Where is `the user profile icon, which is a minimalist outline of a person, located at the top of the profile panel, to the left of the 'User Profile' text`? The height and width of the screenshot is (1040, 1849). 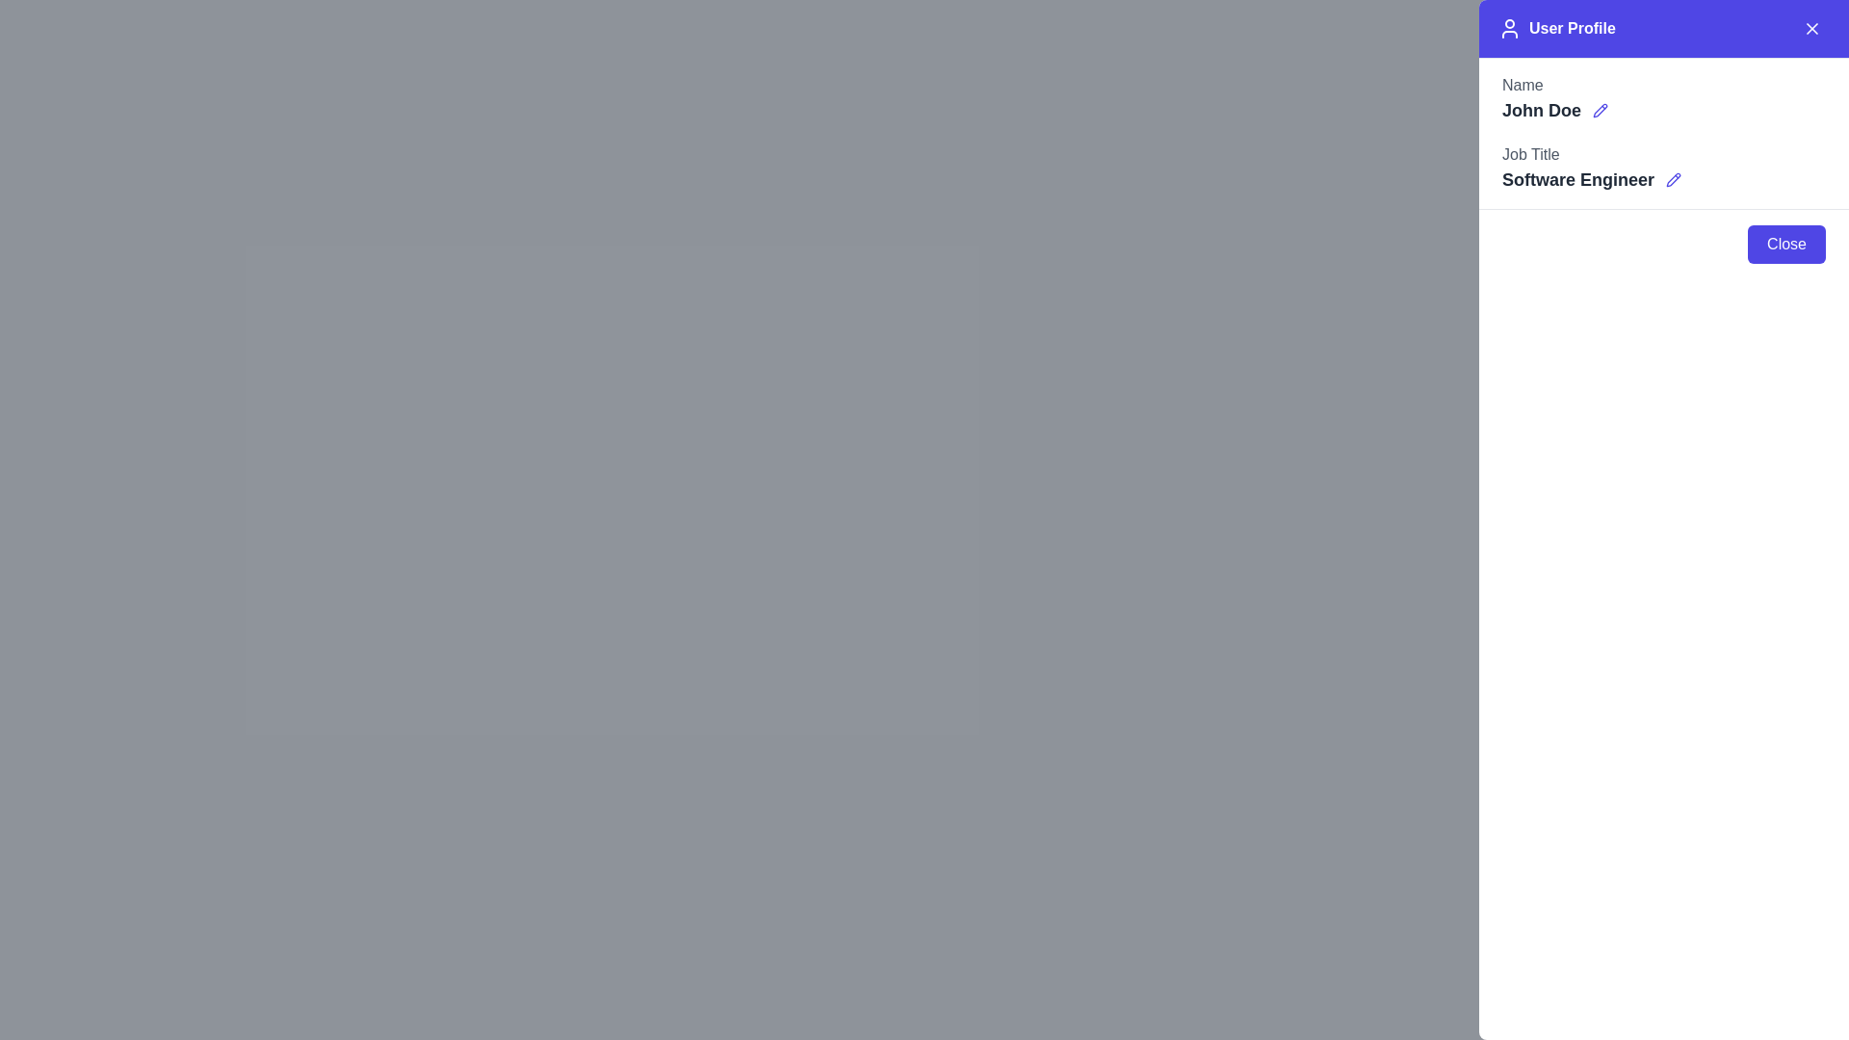
the user profile icon, which is a minimalist outline of a person, located at the top of the profile panel, to the left of the 'User Profile' text is located at coordinates (1509, 29).